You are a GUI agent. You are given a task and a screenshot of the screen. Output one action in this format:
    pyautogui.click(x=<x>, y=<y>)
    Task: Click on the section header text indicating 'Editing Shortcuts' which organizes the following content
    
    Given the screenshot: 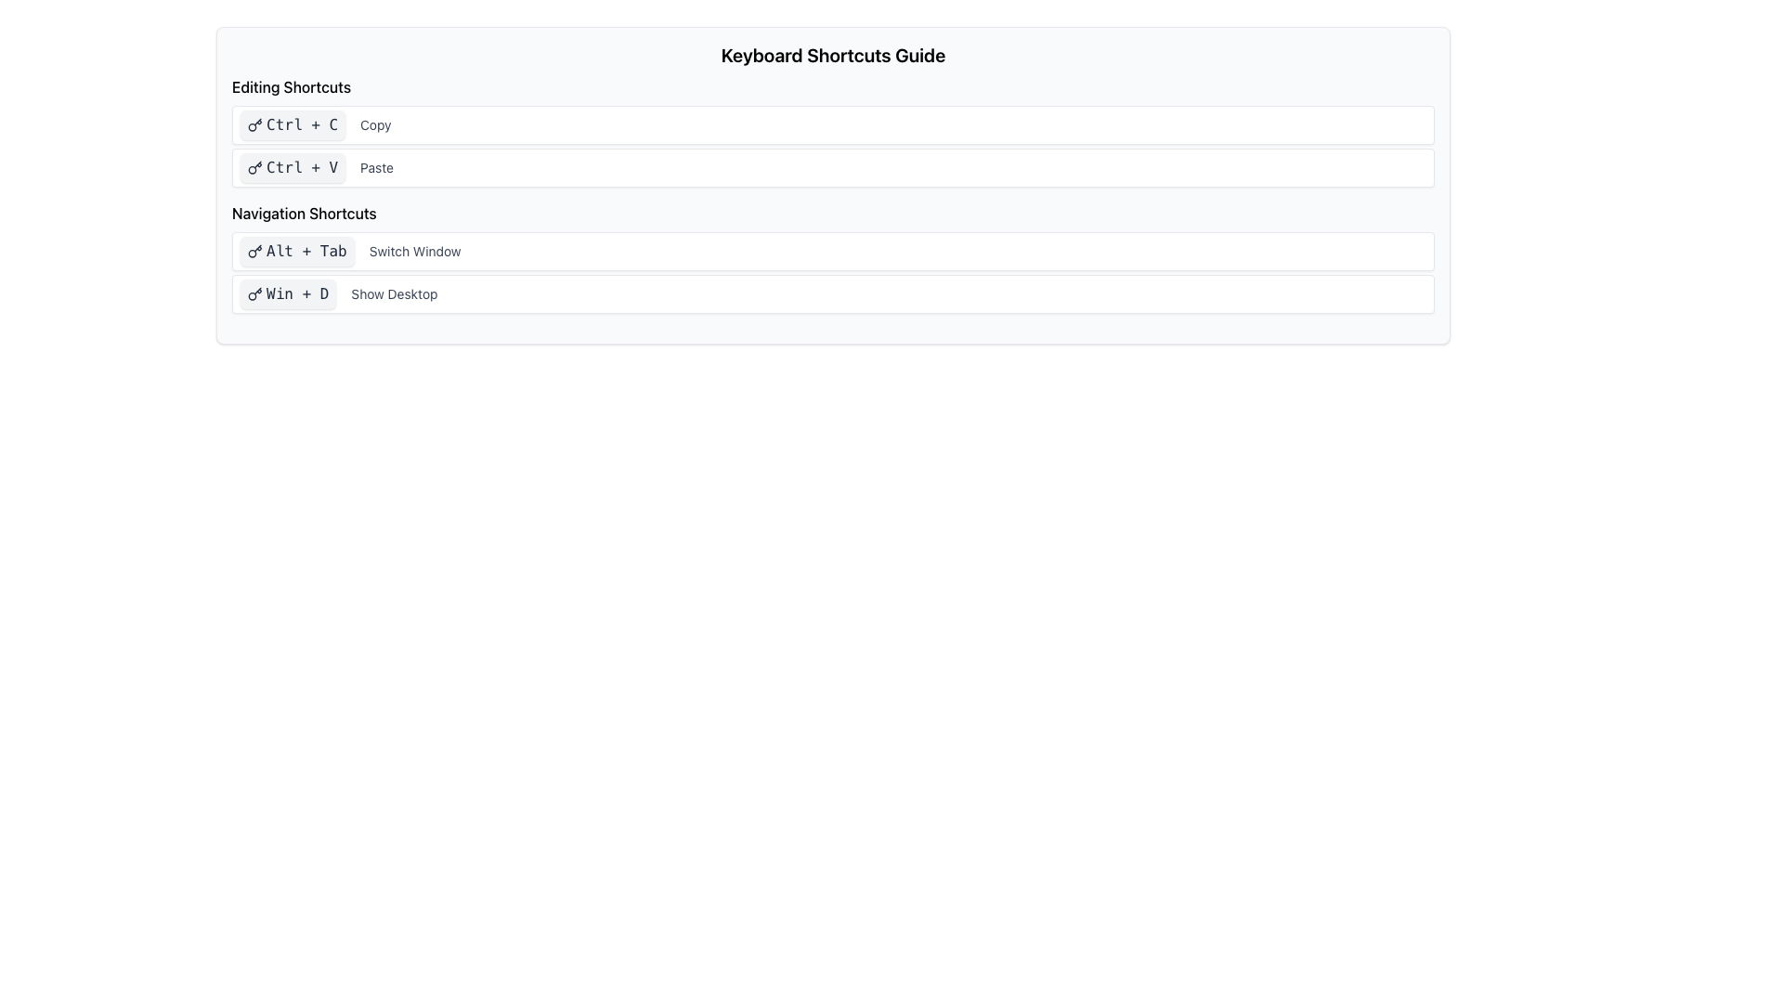 What is the action you would take?
    pyautogui.click(x=291, y=86)
    